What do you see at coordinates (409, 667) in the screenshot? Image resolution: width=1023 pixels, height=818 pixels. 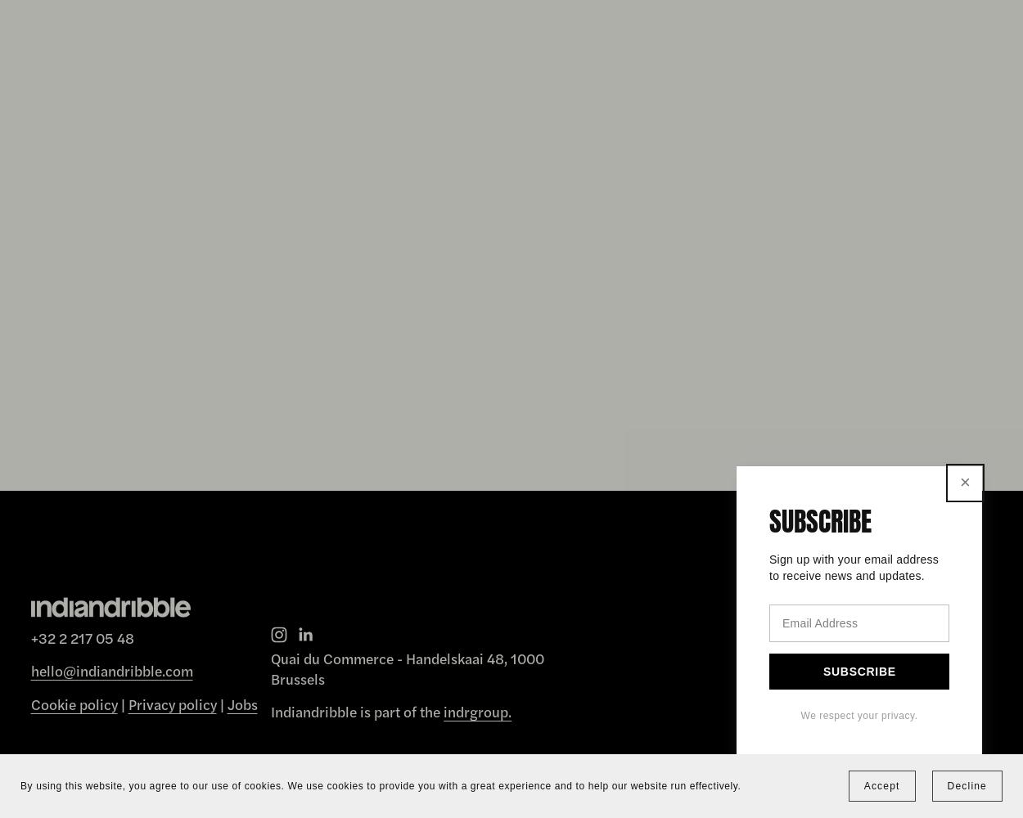 I see `'Quai du Commerce - Handelskaai 48, 1000 Brussels'` at bounding box center [409, 667].